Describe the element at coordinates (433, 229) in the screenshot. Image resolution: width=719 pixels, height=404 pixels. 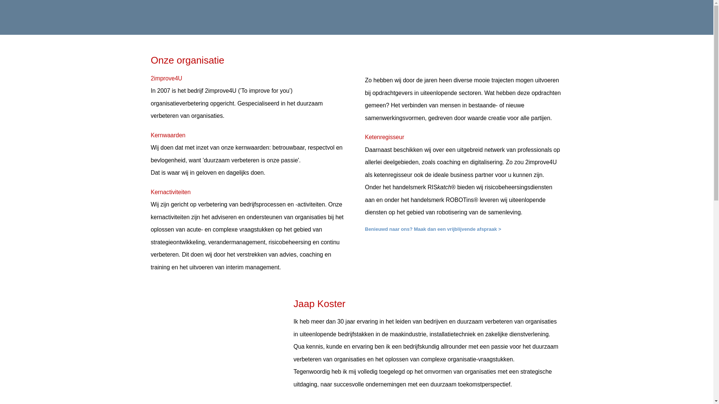
I see `'Benieuwd naar ons? Maak dan een vrijblijvende afspraak >'` at that location.